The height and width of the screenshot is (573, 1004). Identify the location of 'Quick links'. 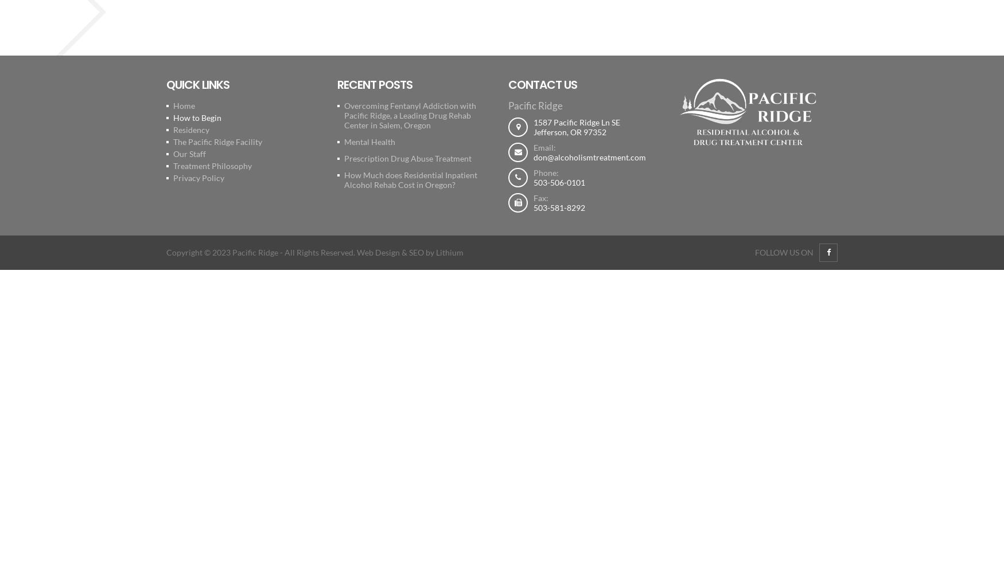
(197, 85).